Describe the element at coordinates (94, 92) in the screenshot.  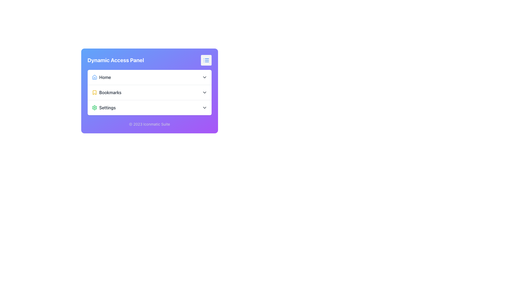
I see `the 'Bookmarks' icon located in the second row of the list within the panel, positioned to the left of the text label 'Bookmarks'` at that location.